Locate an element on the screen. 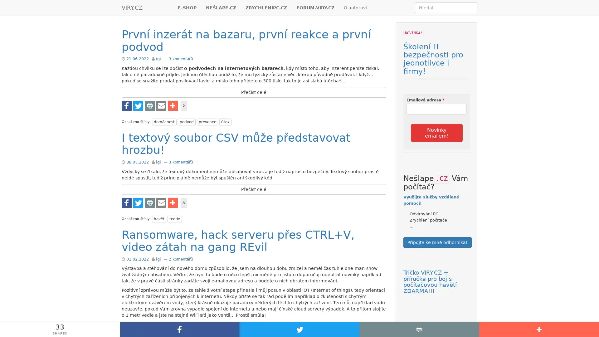 Image resolution: width=599 pixels, height=337 pixels. Novinky emailem! is located at coordinates (436, 132).